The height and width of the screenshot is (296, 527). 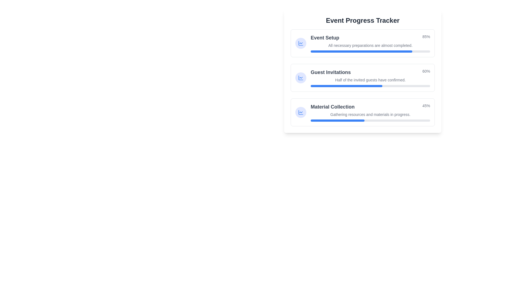 I want to click on displayed information from the Information widget, which is the second item in the Event Progress Tracker list, located between Event Setup and Material Collection, so click(x=363, y=78).